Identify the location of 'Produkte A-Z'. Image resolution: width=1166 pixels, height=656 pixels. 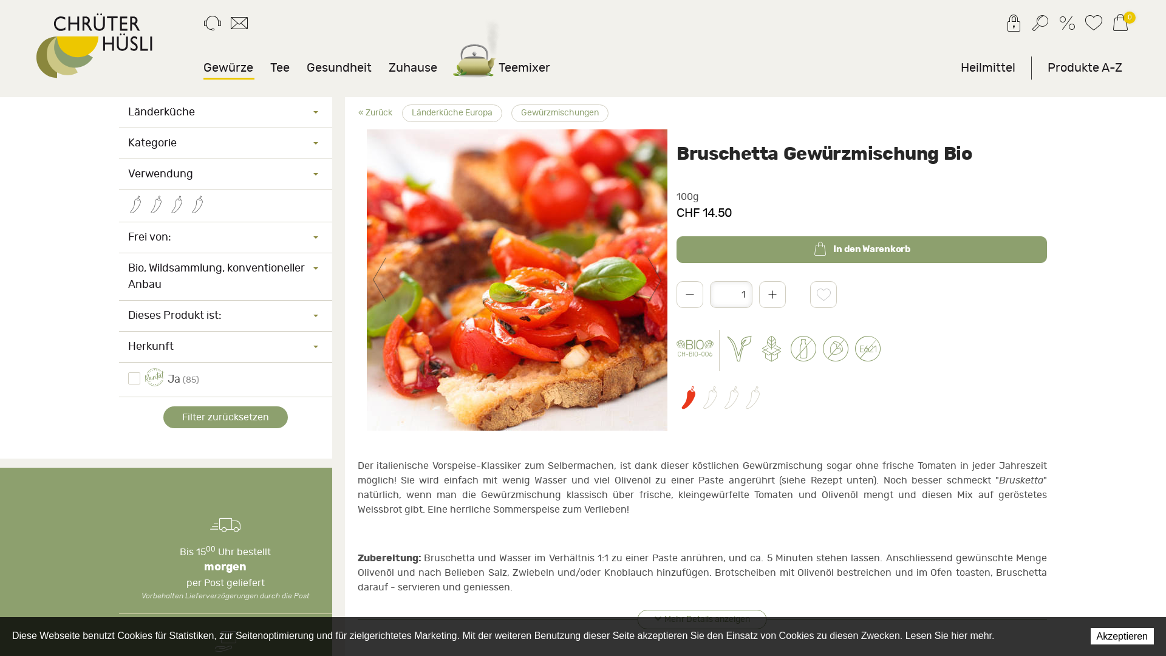
(1085, 67).